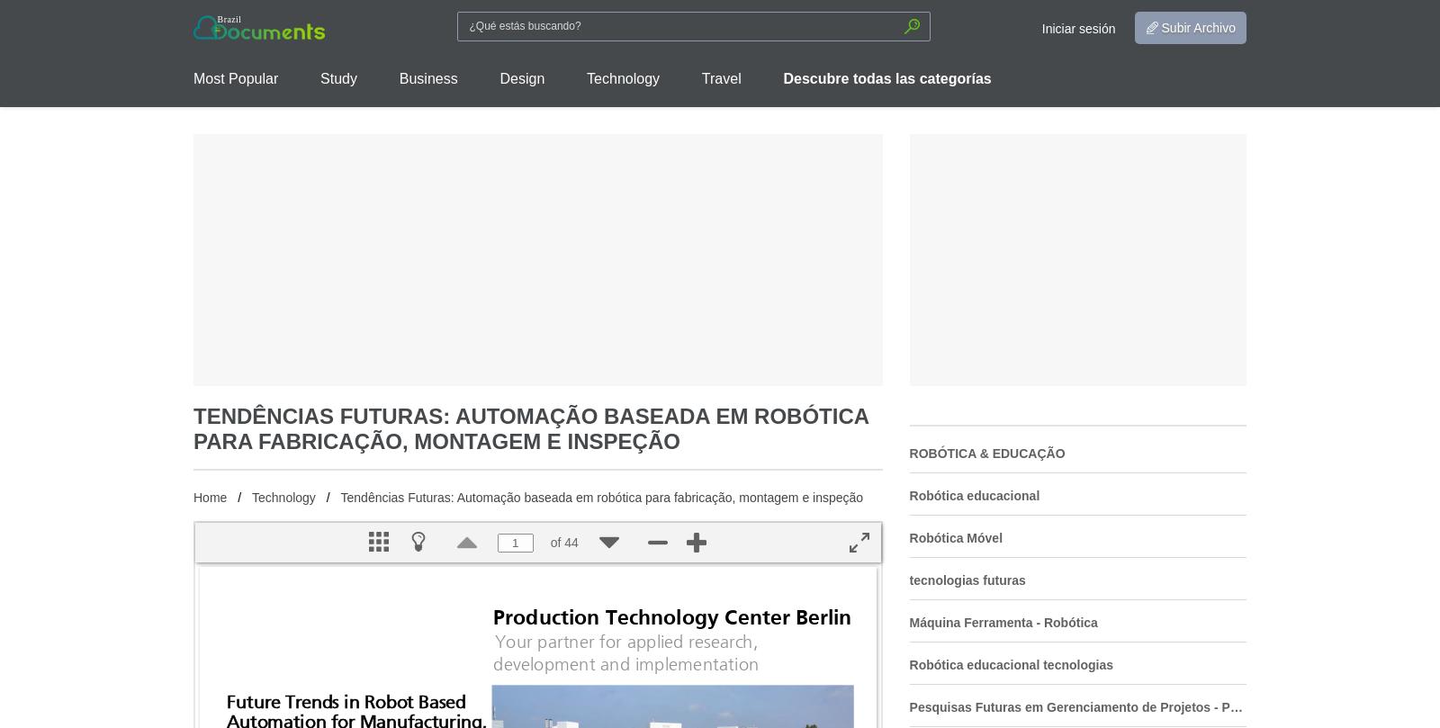 The height and width of the screenshot is (728, 1440). Describe the element at coordinates (236, 78) in the screenshot. I see `'Most Popular'` at that location.